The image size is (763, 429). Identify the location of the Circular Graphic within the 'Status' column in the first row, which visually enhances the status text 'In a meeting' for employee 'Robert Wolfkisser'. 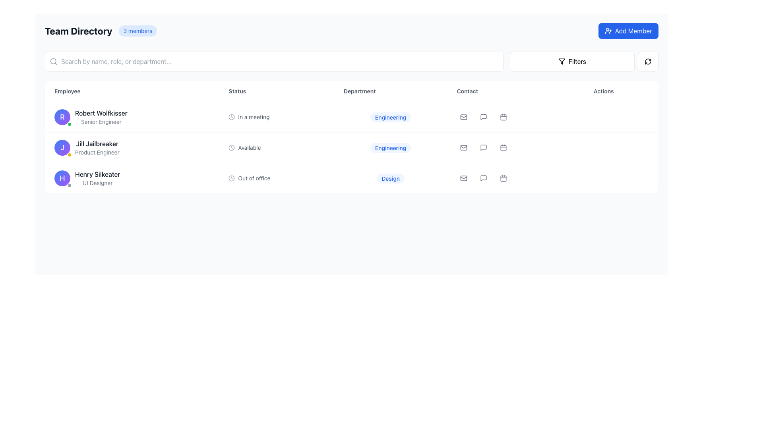
(231, 117).